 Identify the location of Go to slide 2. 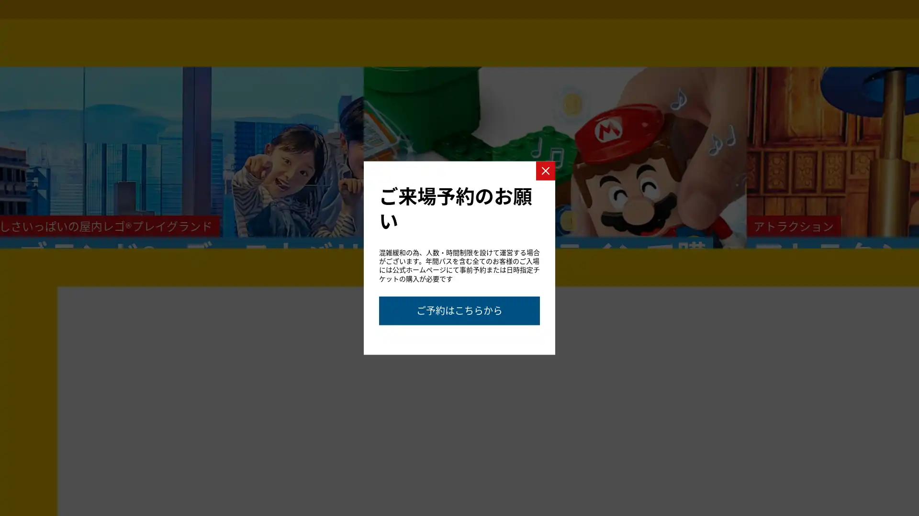
(459, 370).